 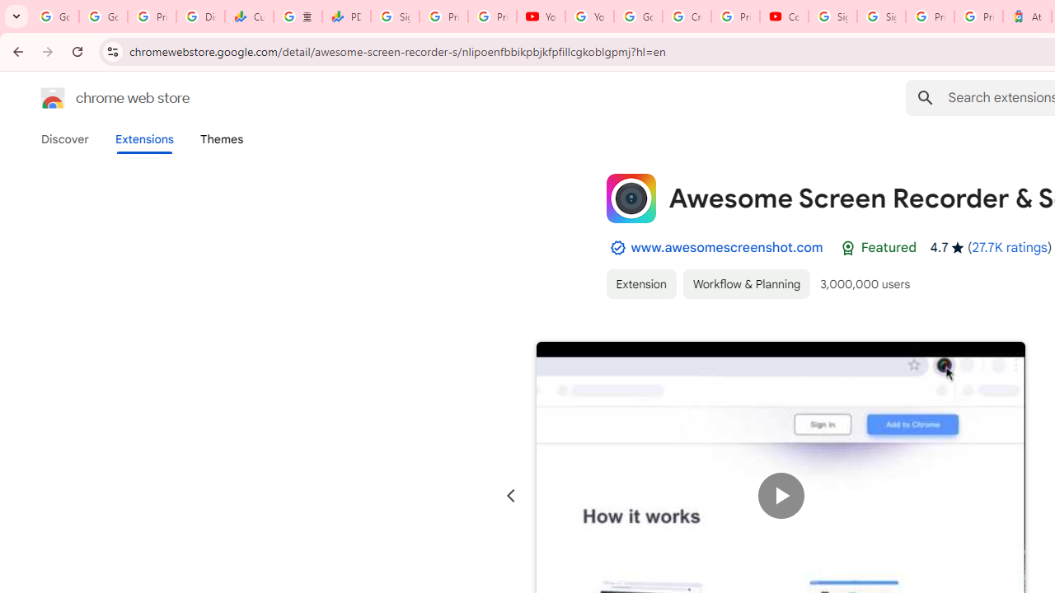 I want to click on 'YouTube', so click(x=541, y=16).